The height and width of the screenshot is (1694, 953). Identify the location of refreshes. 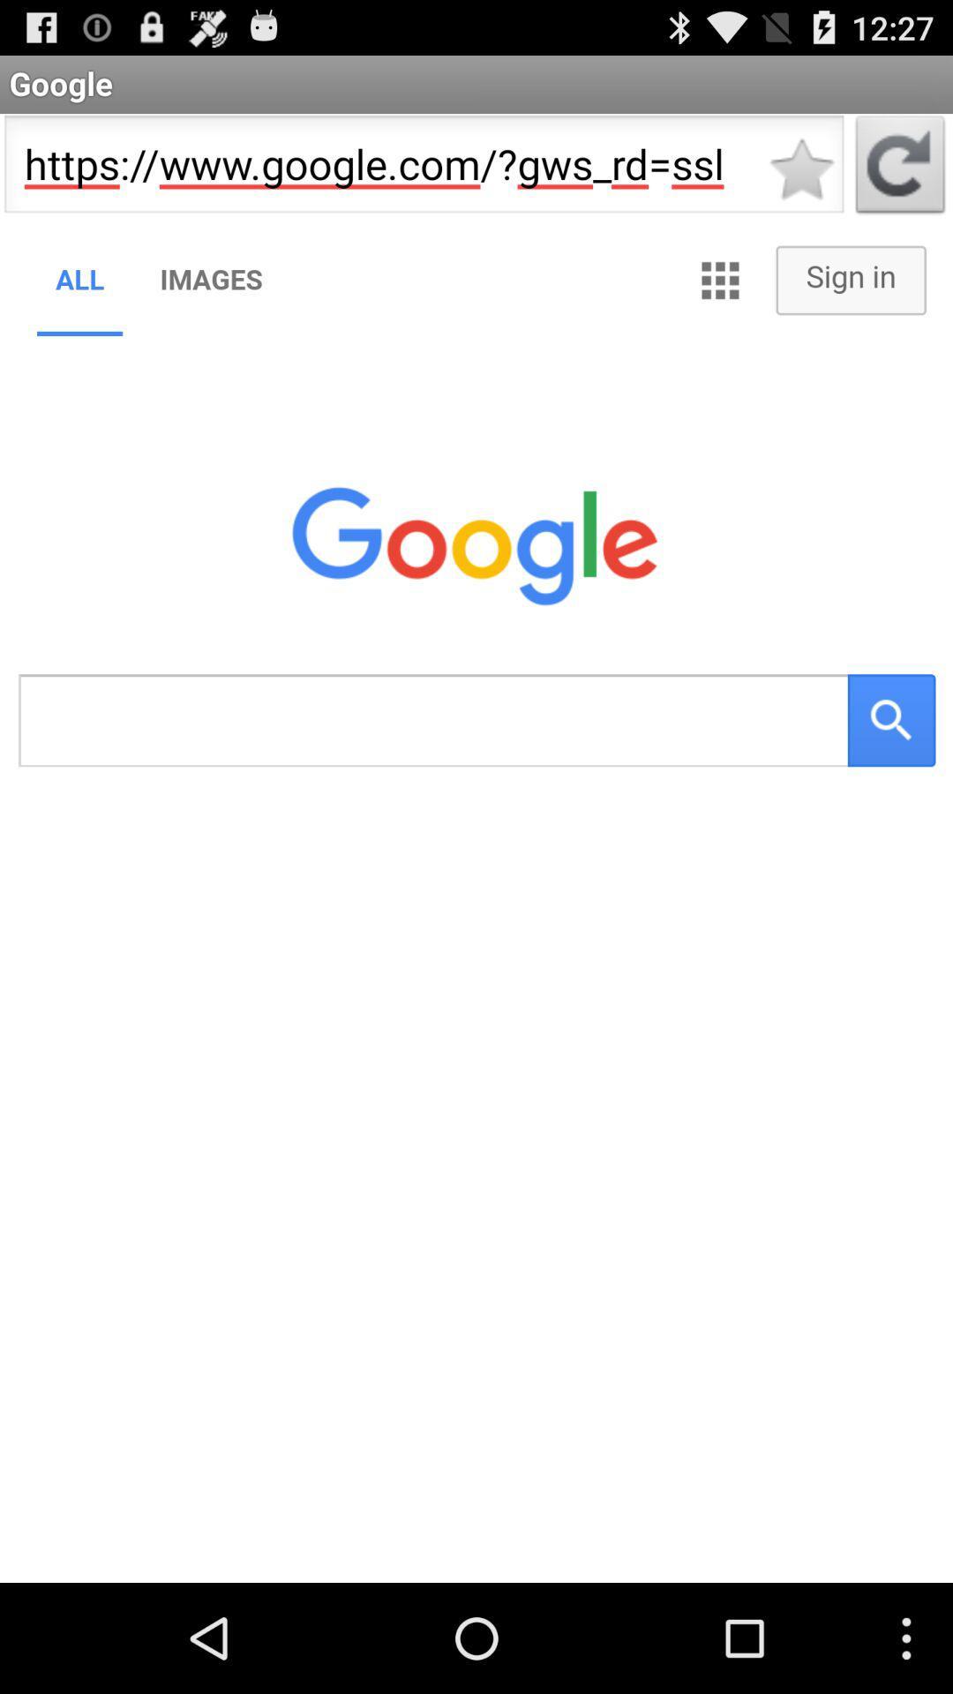
(900, 169).